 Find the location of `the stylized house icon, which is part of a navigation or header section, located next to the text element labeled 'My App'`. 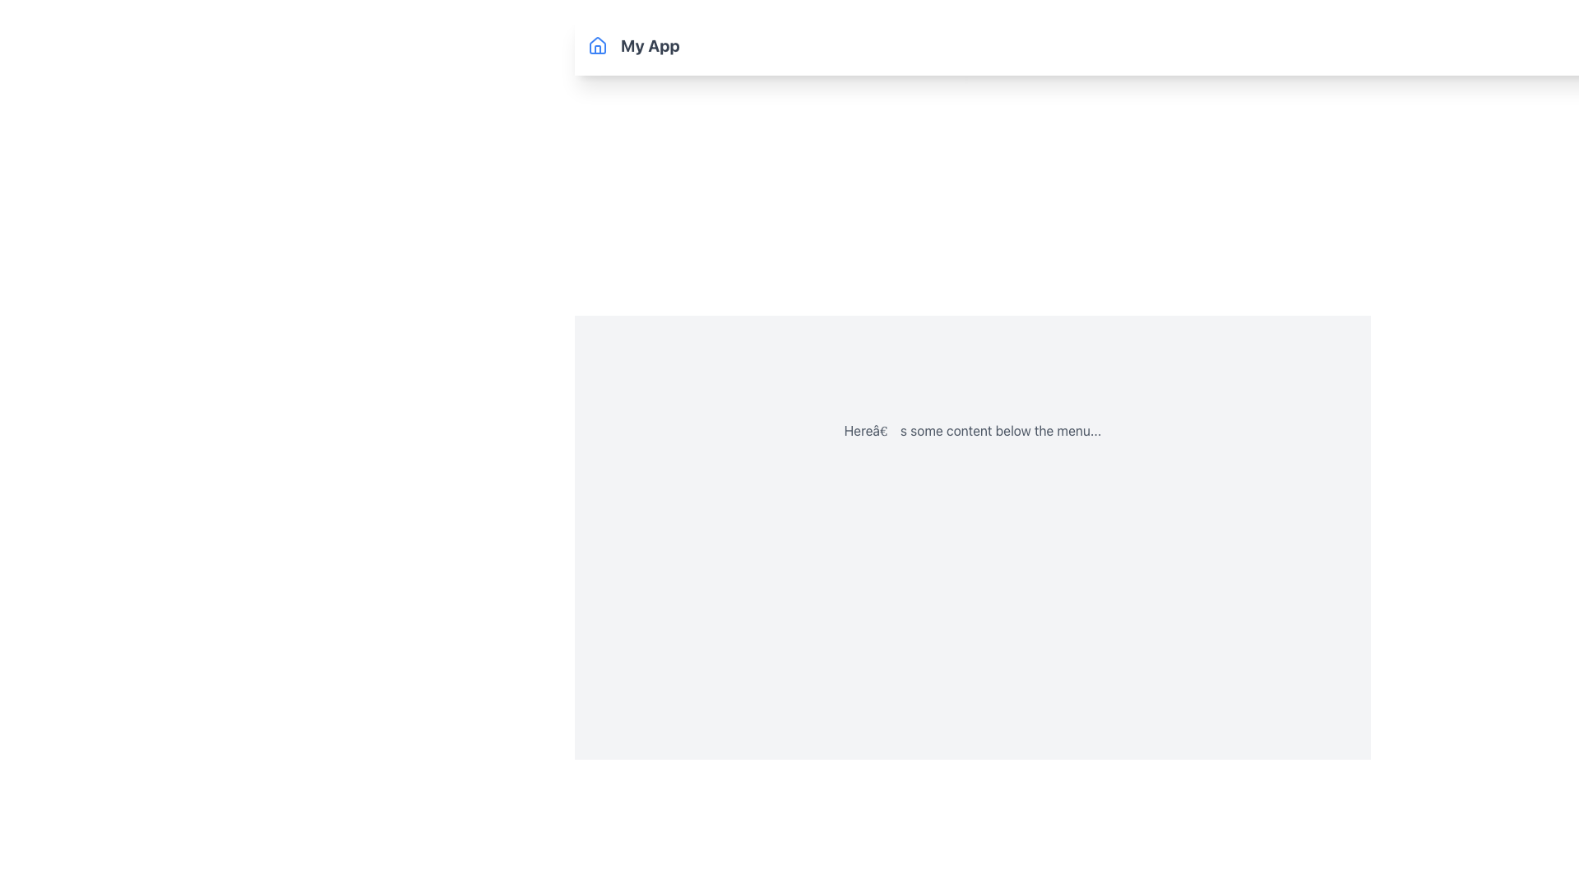

the stylized house icon, which is part of a navigation or header section, located next to the text element labeled 'My App' is located at coordinates (596, 44).